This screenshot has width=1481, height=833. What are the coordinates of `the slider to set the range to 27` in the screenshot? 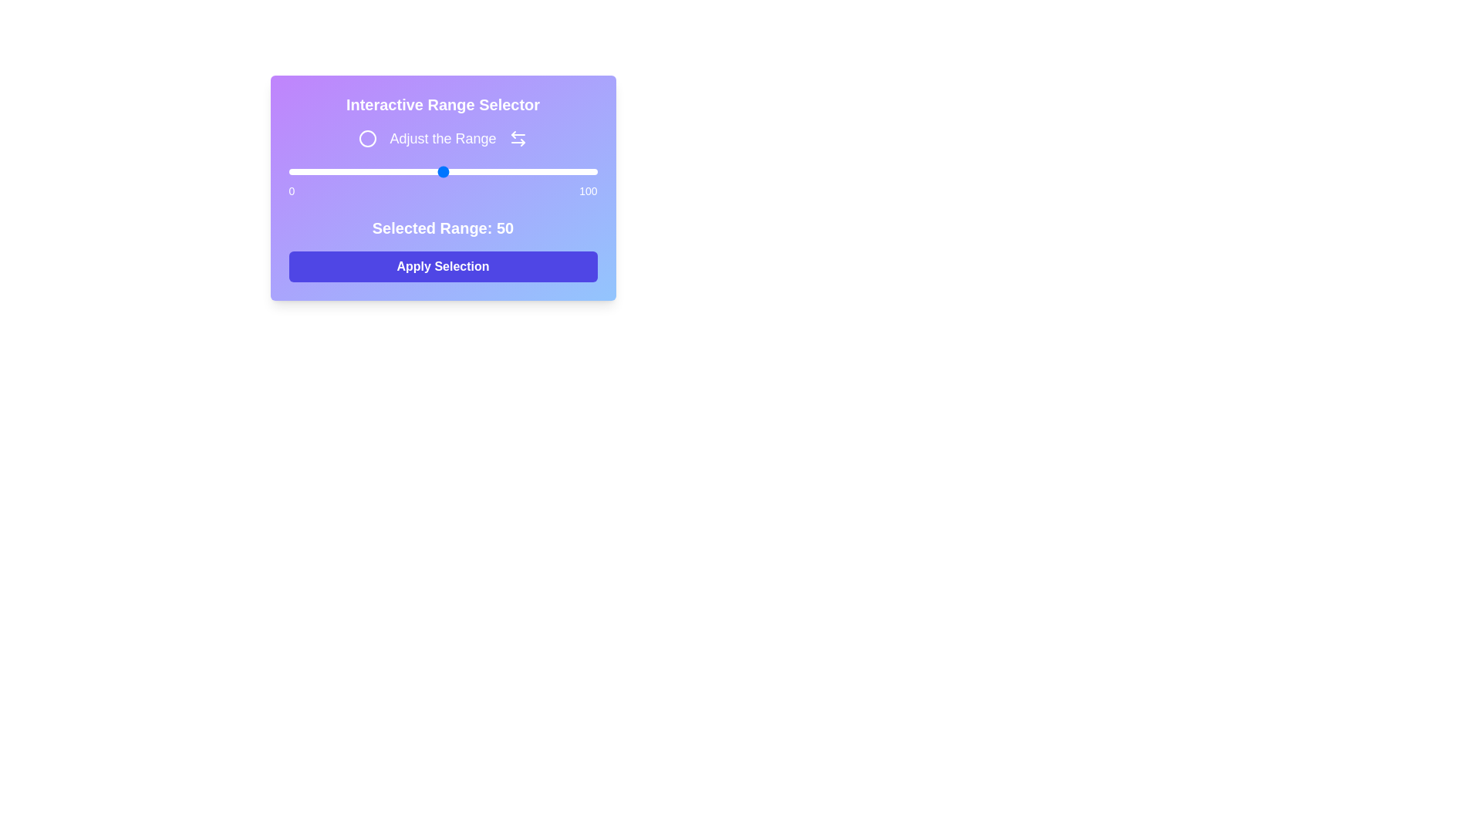 It's located at (372, 172).